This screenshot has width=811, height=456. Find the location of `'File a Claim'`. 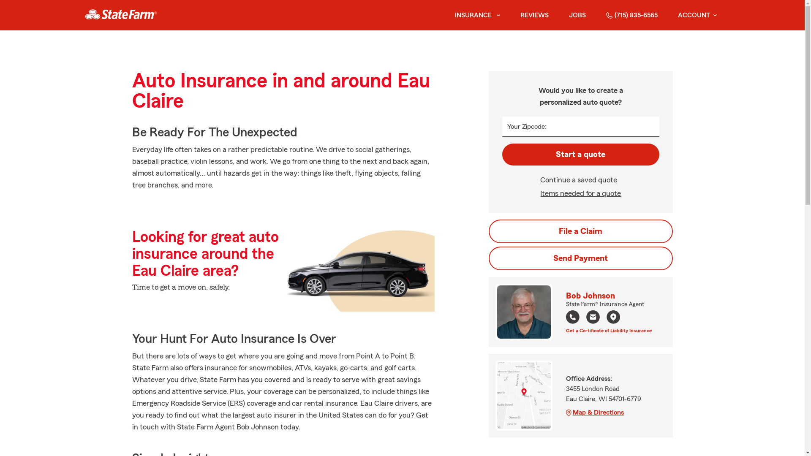

'File a Claim' is located at coordinates (580, 231).